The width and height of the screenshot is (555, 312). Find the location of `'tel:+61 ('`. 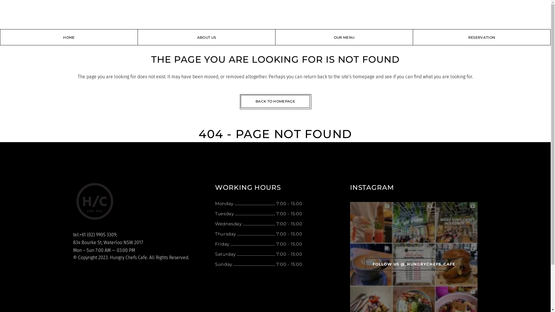

'tel:+61 (' is located at coordinates (80, 235).